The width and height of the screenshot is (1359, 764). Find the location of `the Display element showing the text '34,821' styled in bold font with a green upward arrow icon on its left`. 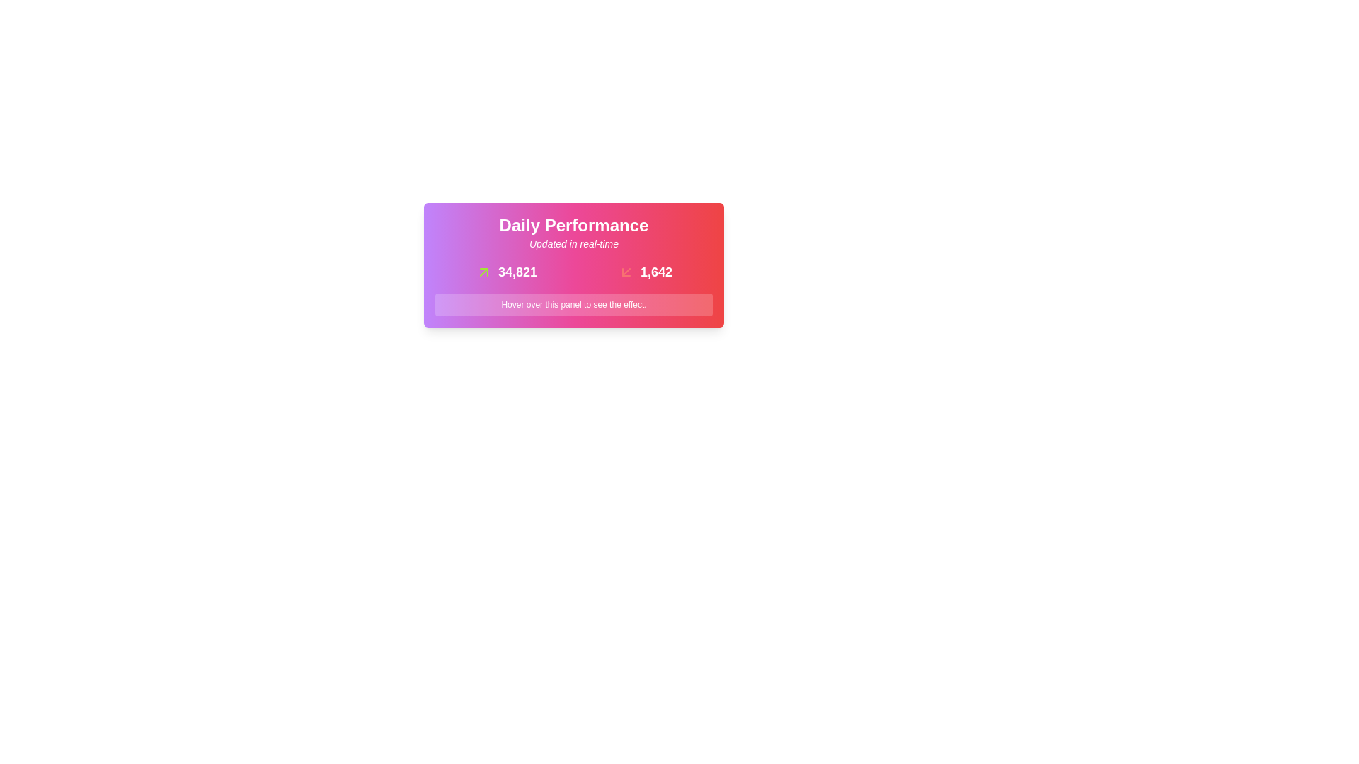

the Display element showing the text '34,821' styled in bold font with a green upward arrow icon on its left is located at coordinates (506, 272).